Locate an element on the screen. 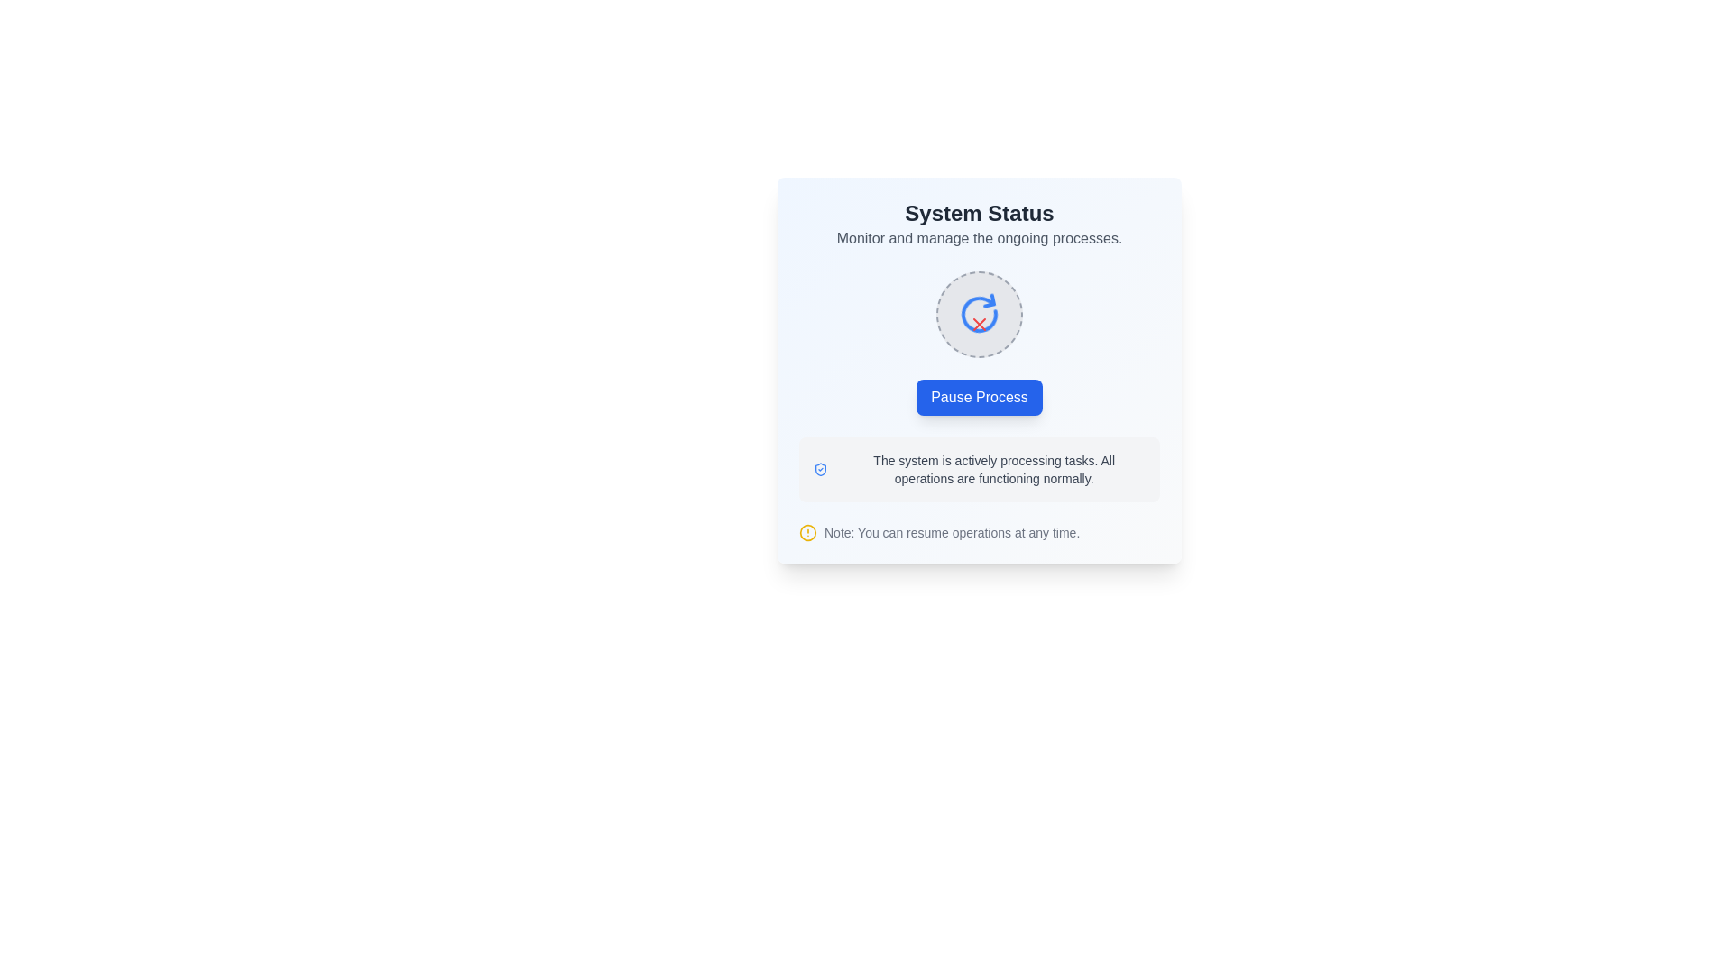 This screenshot has width=1732, height=974. the diagonal cross icon, which is styled with a clear stroke and sharp edges, located at the center of a circular dashed outline within the 'System Status' dialog interface is located at coordinates (978, 323).